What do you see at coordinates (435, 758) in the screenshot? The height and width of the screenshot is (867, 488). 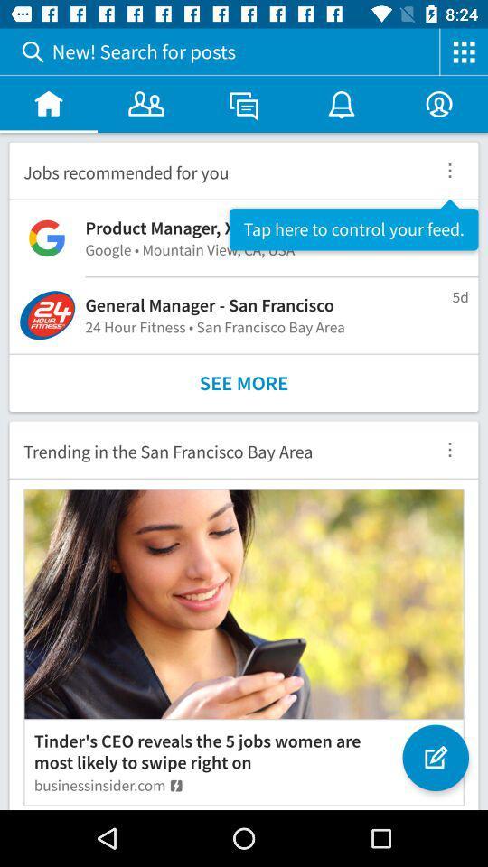 I see `the edit icon` at bounding box center [435, 758].